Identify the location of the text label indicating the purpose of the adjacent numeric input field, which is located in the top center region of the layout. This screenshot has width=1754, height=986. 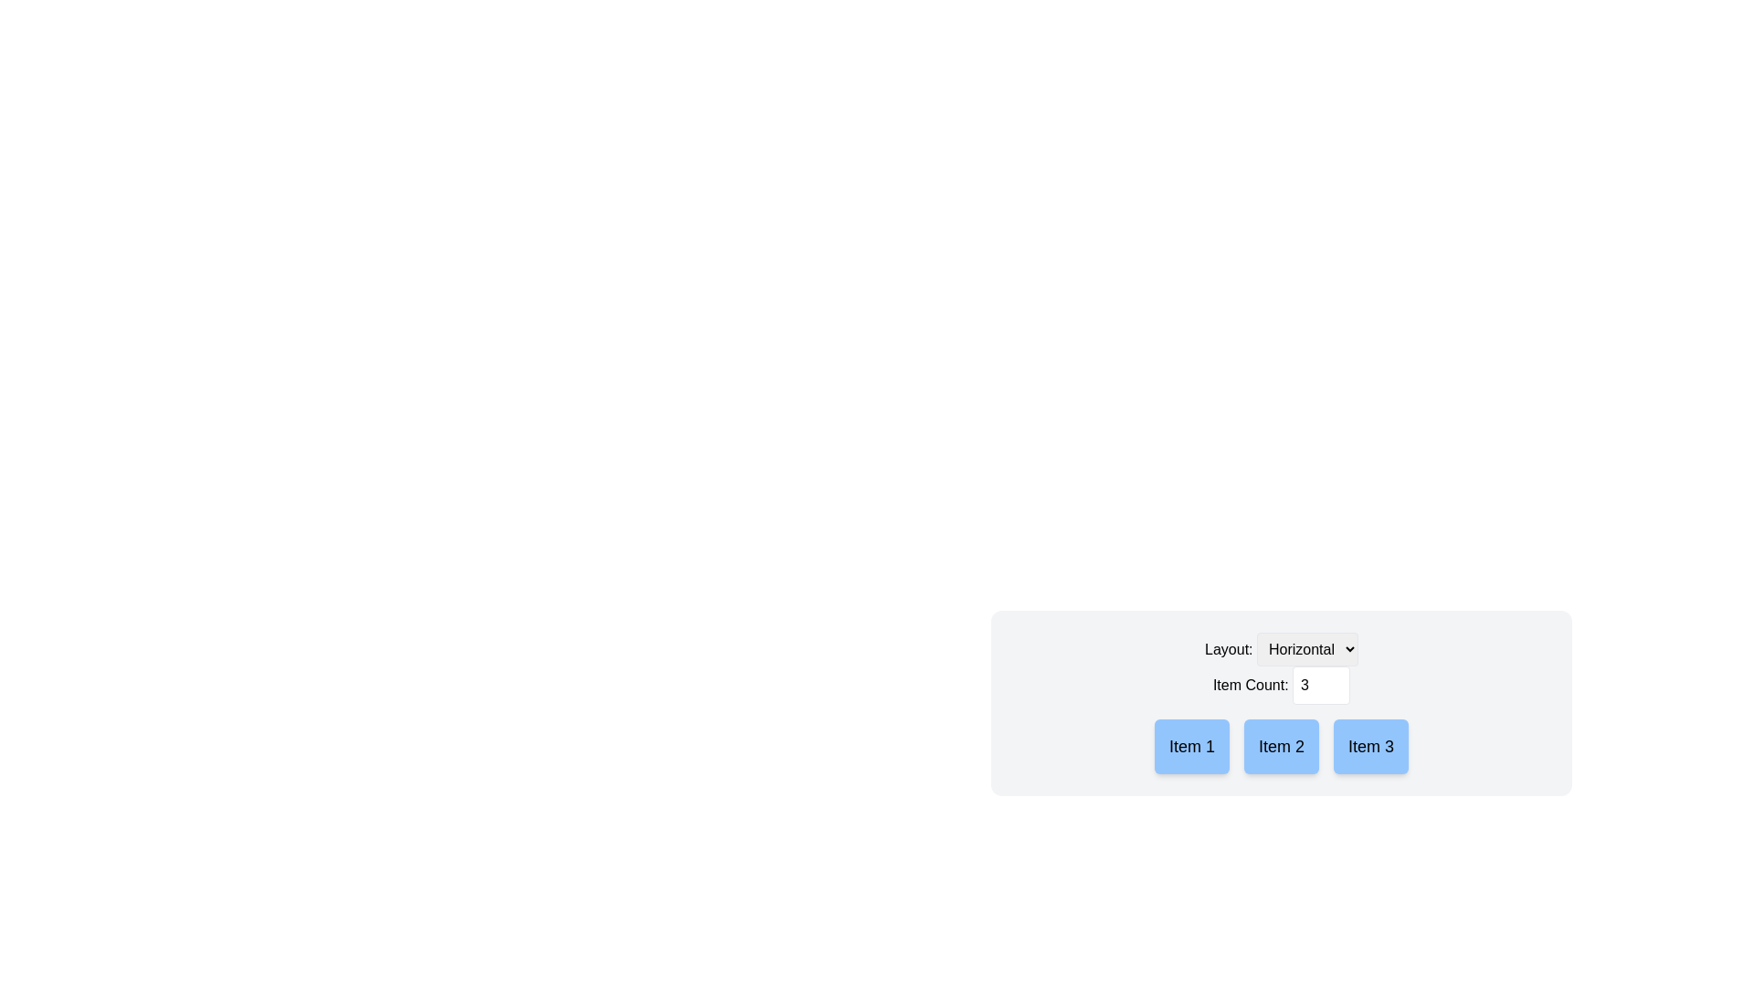
(1280, 684).